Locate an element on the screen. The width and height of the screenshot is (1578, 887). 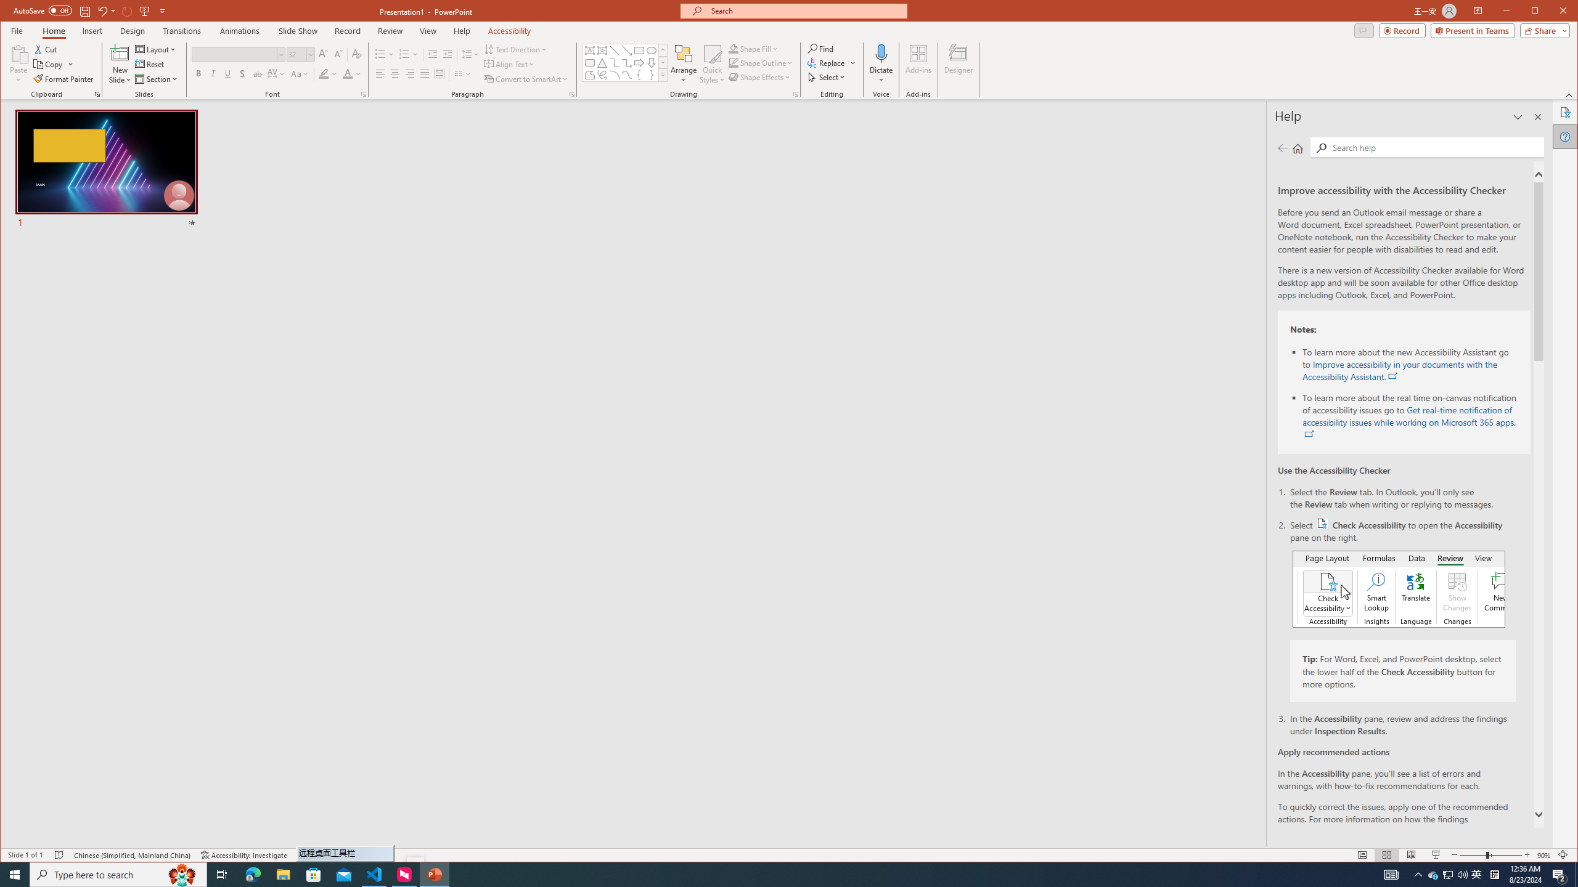
'Check accessibility button' is located at coordinates (1322, 524).